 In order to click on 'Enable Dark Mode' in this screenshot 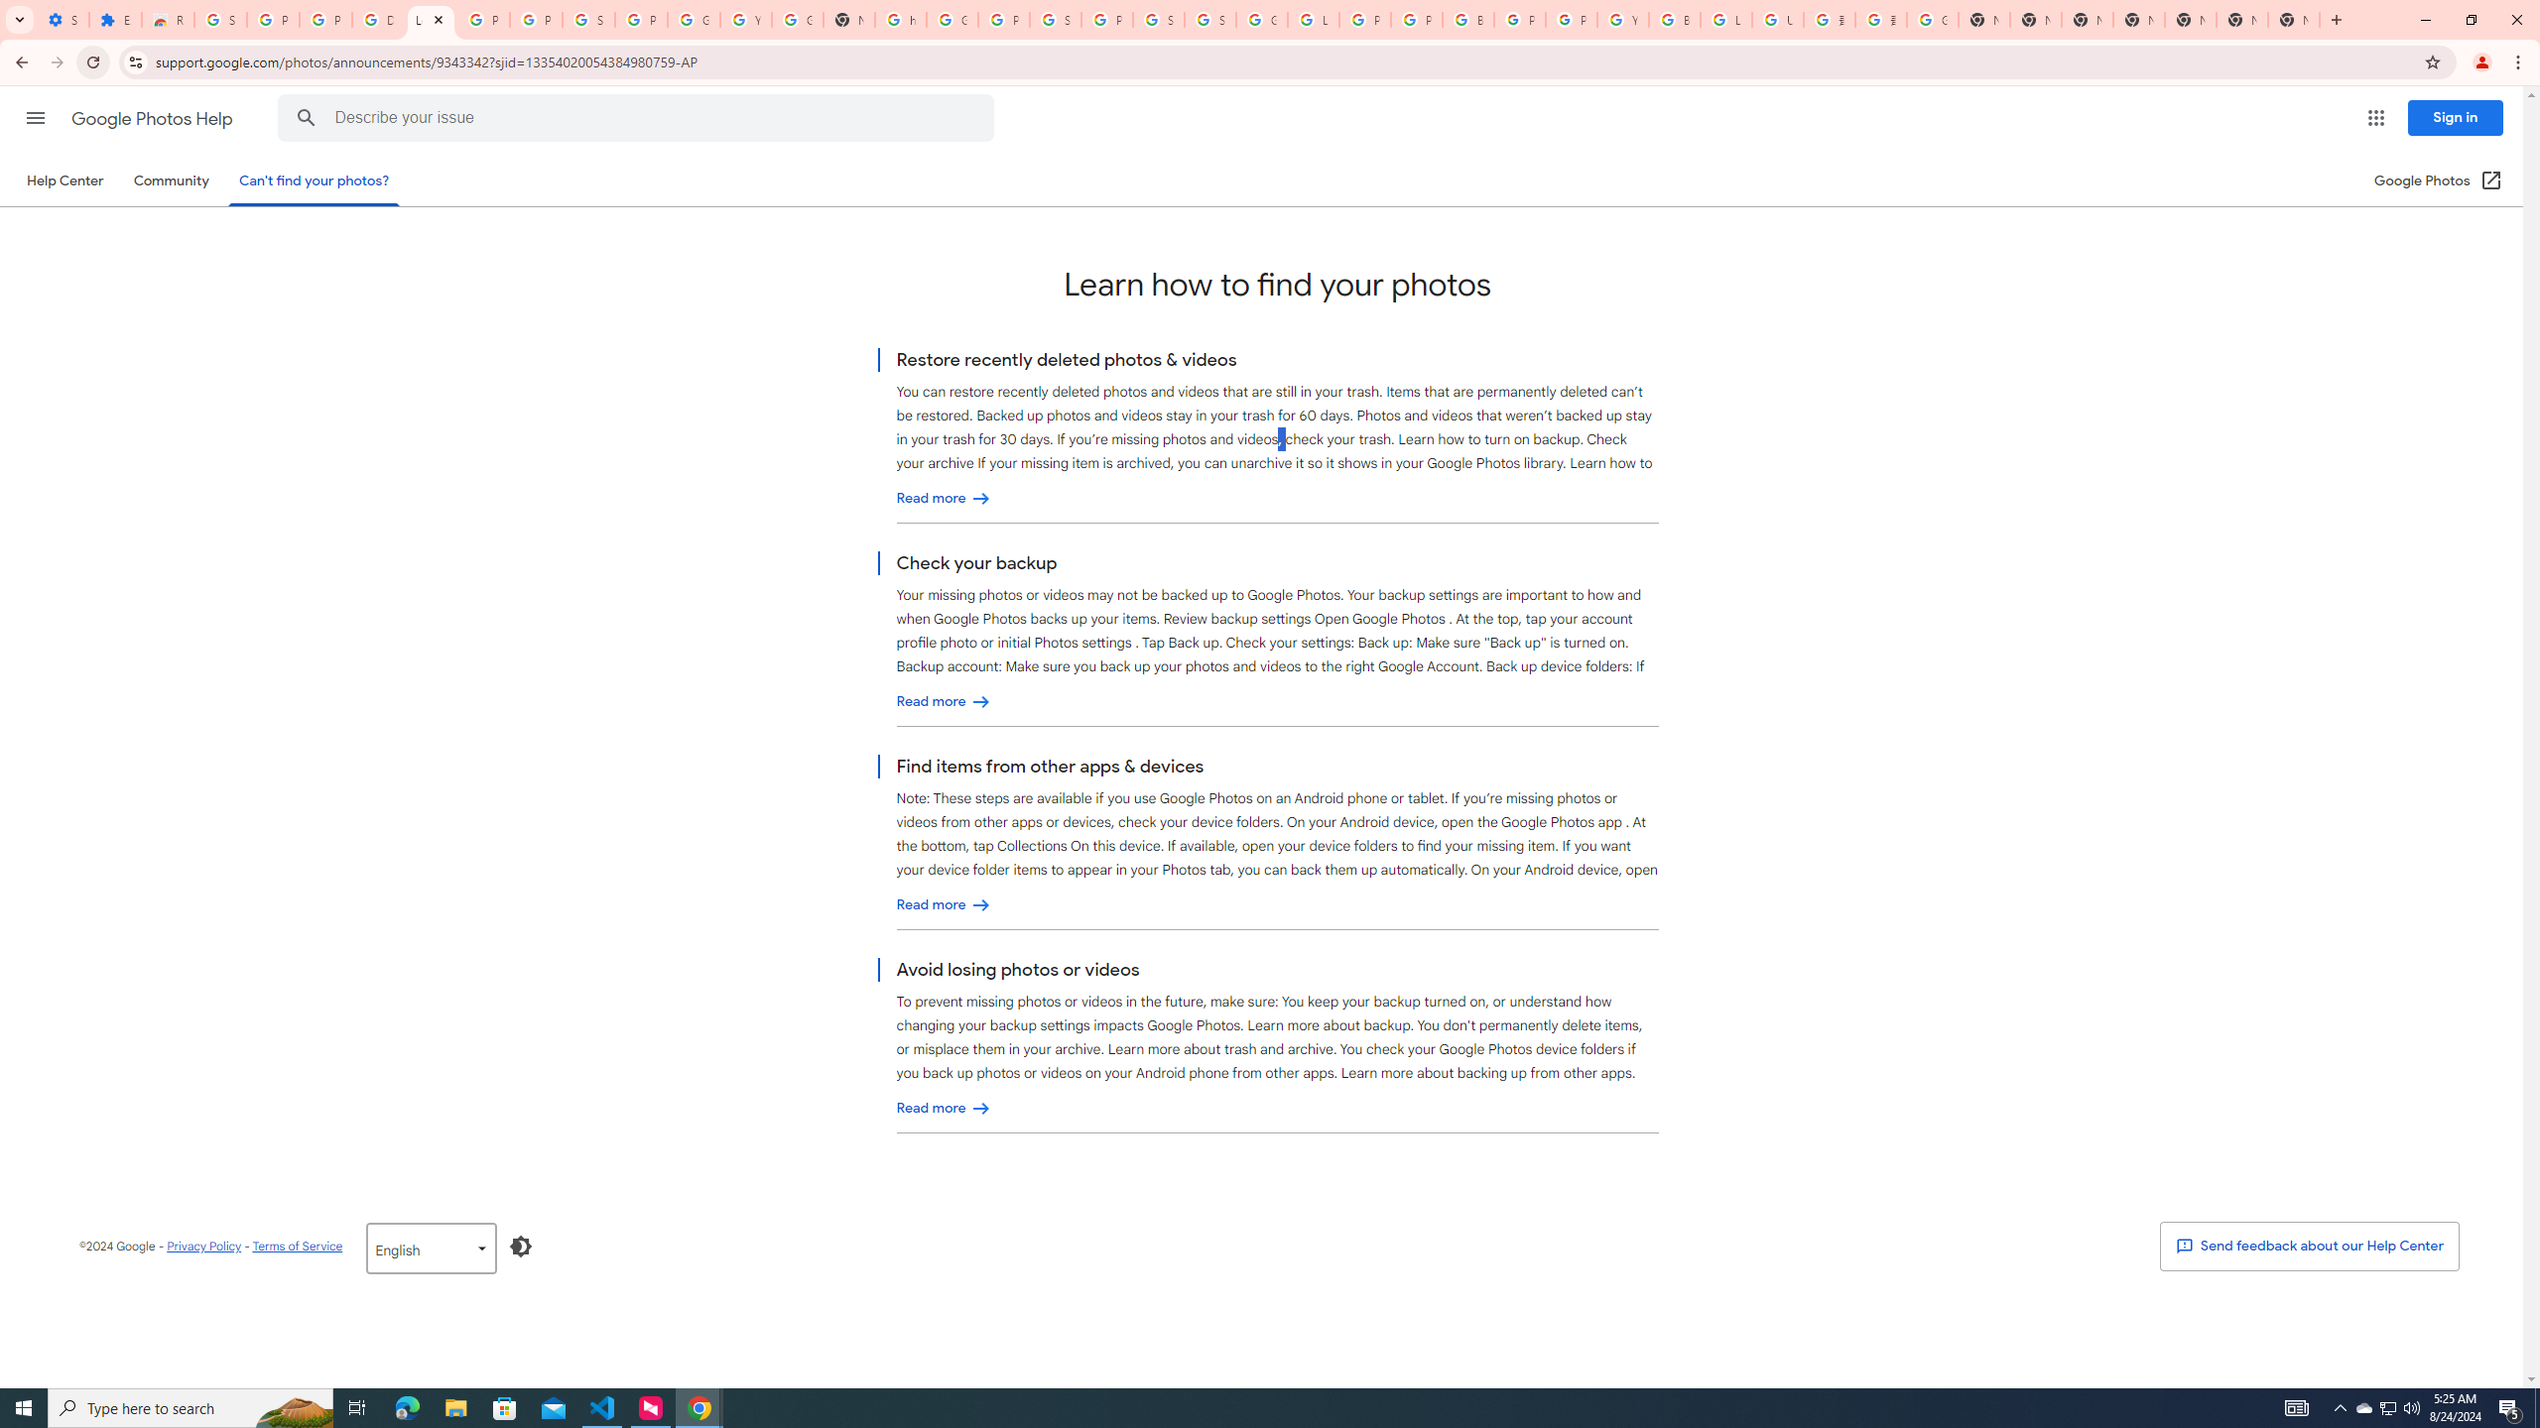, I will do `click(521, 1246)`.